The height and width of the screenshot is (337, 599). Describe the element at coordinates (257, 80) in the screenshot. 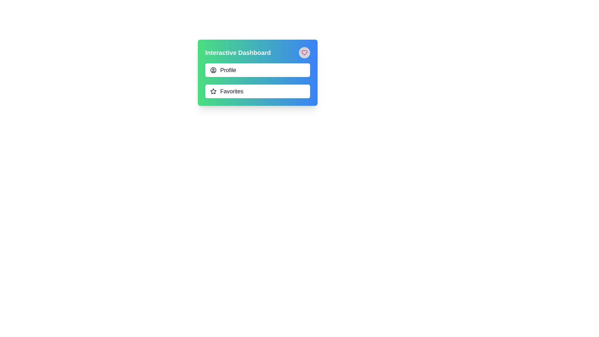

I see `the 'Profile' or 'Favorites' section of the List or menu item group located under the 'Interactive Dashboard' title` at that location.